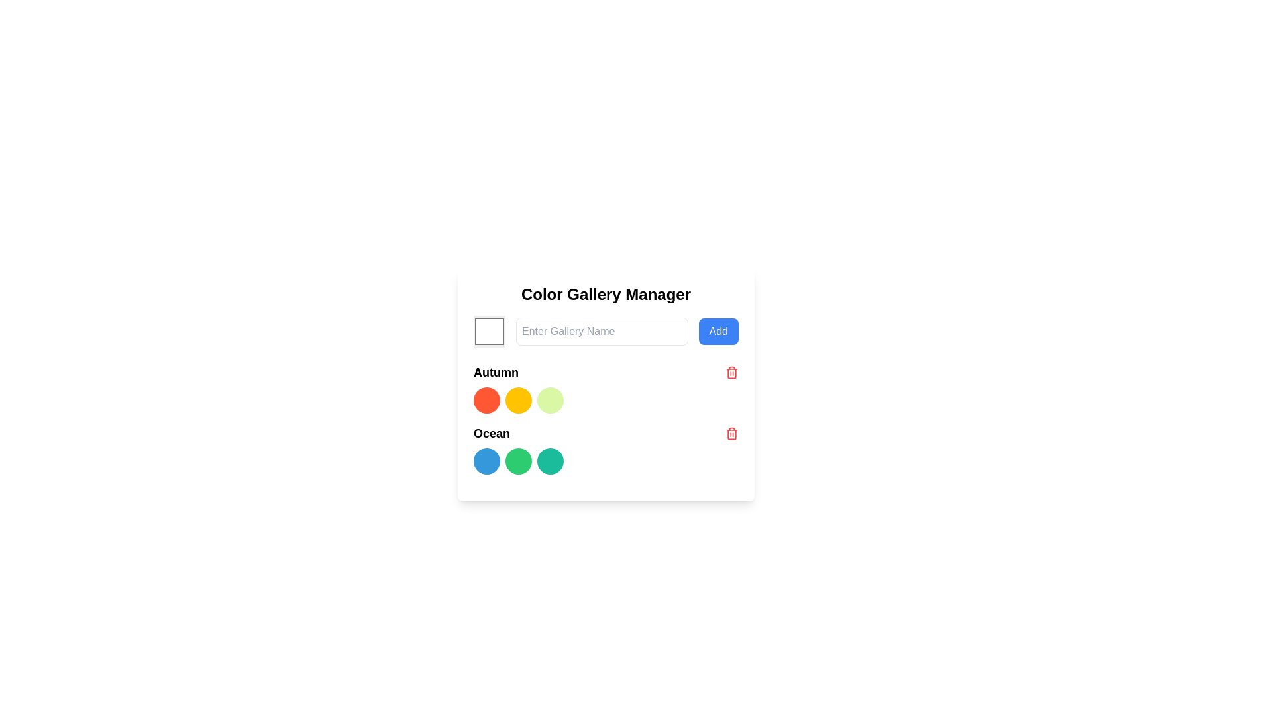 The width and height of the screenshot is (1272, 715). What do you see at coordinates (517, 461) in the screenshot?
I see `the second circular color option in the 'Ocean' section, which serves as a visual indicator and is positioned between a blue and a turquoise component` at bounding box center [517, 461].